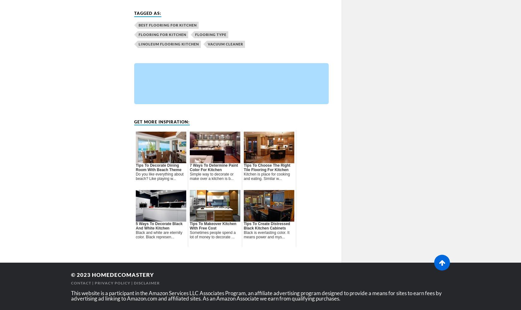  I want to click on 'flooring for kitchen', so click(138, 34).